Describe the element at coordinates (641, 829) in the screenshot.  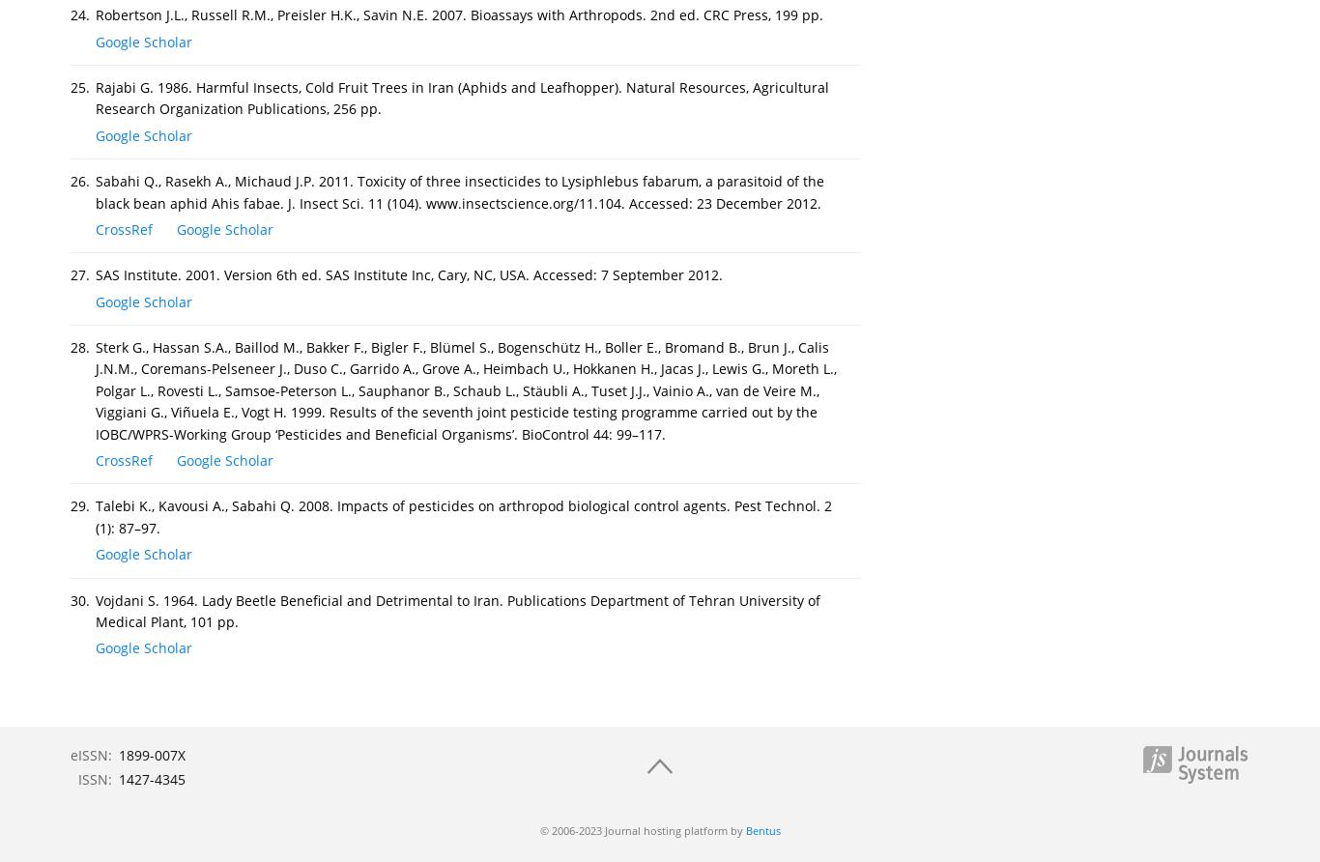
I see `'© 2006-2023 Journal hosting platform by'` at that location.